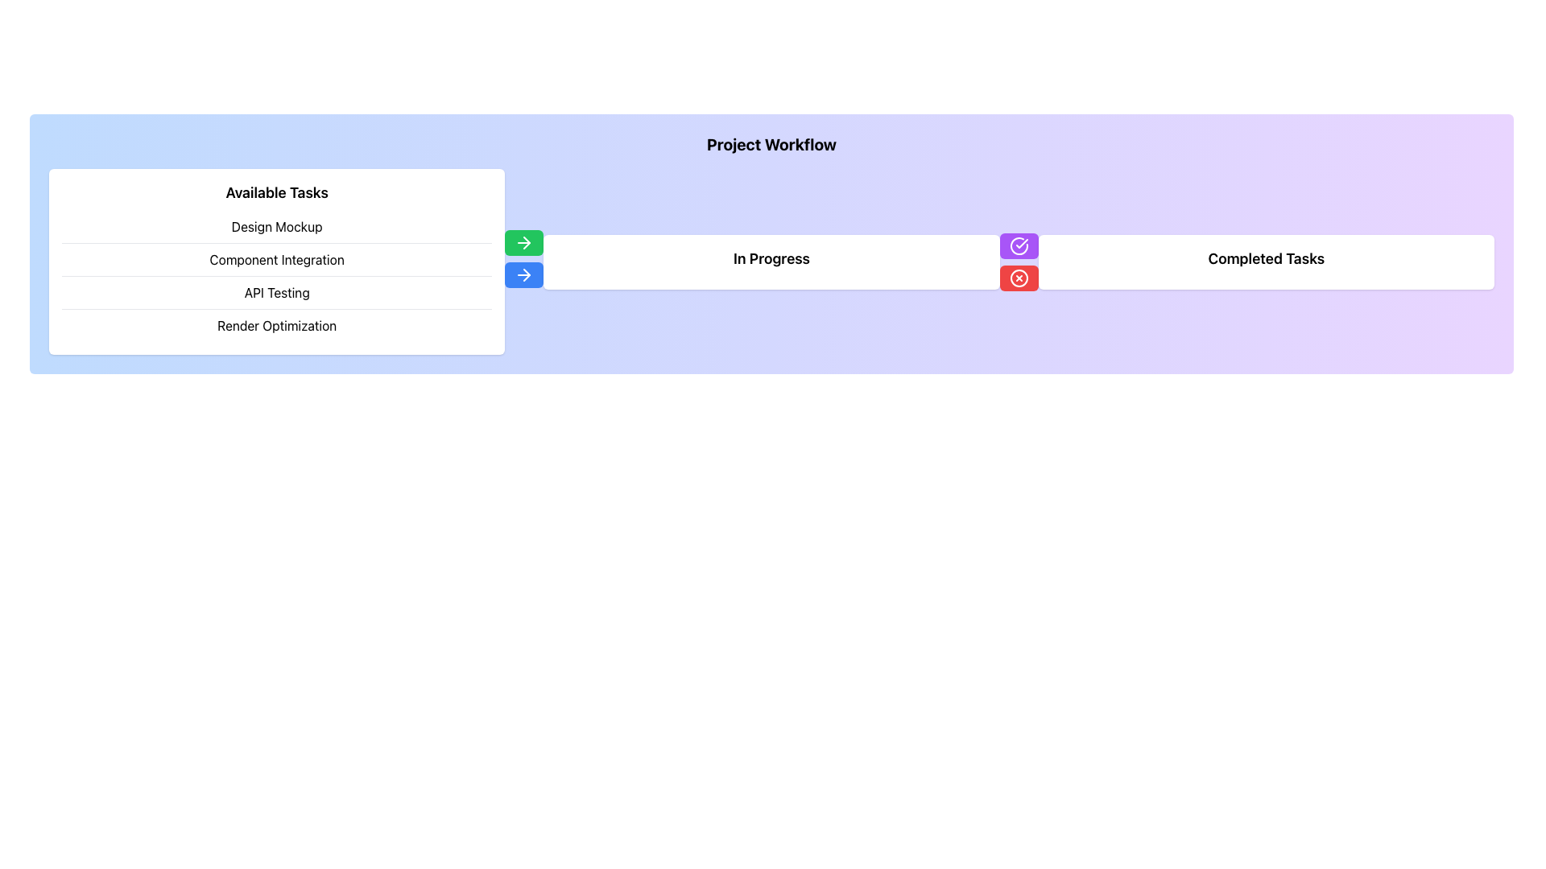  What do you see at coordinates (1018, 245) in the screenshot?
I see `the purple button with a checkmark icon located in the 'In Progress' section` at bounding box center [1018, 245].